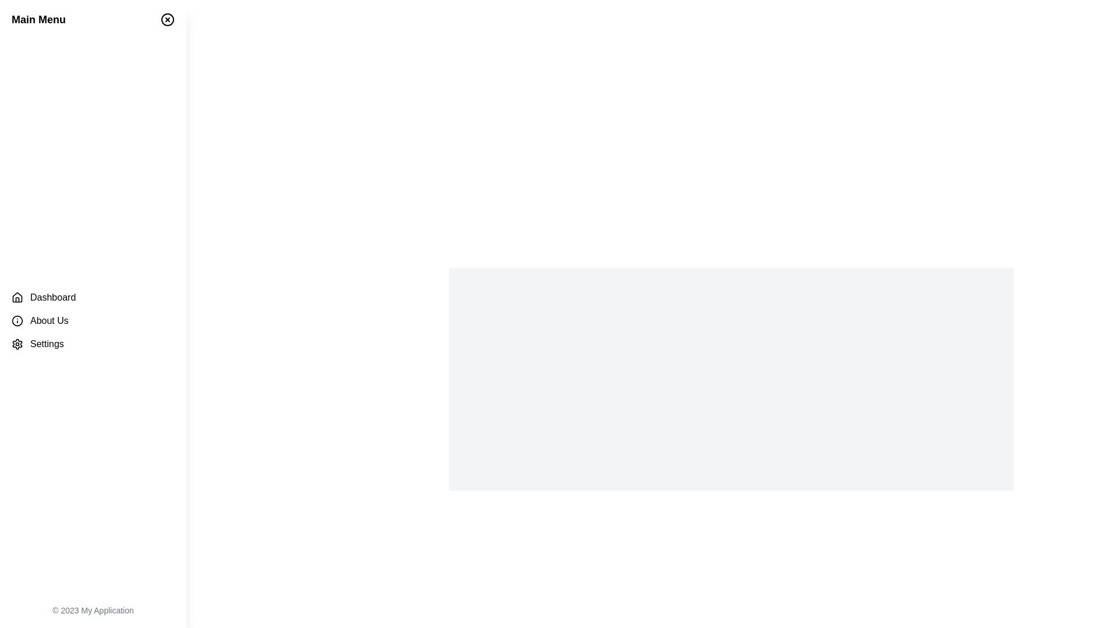 This screenshot has height=628, width=1118. I want to click on the Close button icon, which is a circular button with an 'X' mark in the center, located at the far right of the header bar labeled 'Main Menu', so click(167, 20).